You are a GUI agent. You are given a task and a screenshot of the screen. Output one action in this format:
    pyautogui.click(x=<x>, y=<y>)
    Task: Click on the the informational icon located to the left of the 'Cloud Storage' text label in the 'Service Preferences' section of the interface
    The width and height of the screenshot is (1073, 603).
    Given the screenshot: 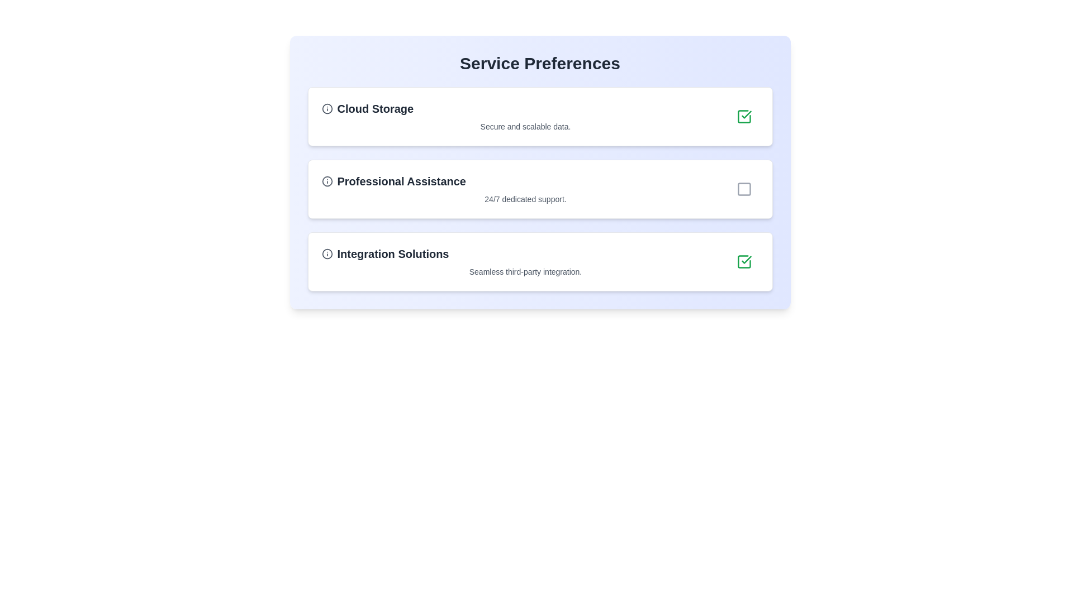 What is the action you would take?
    pyautogui.click(x=326, y=109)
    